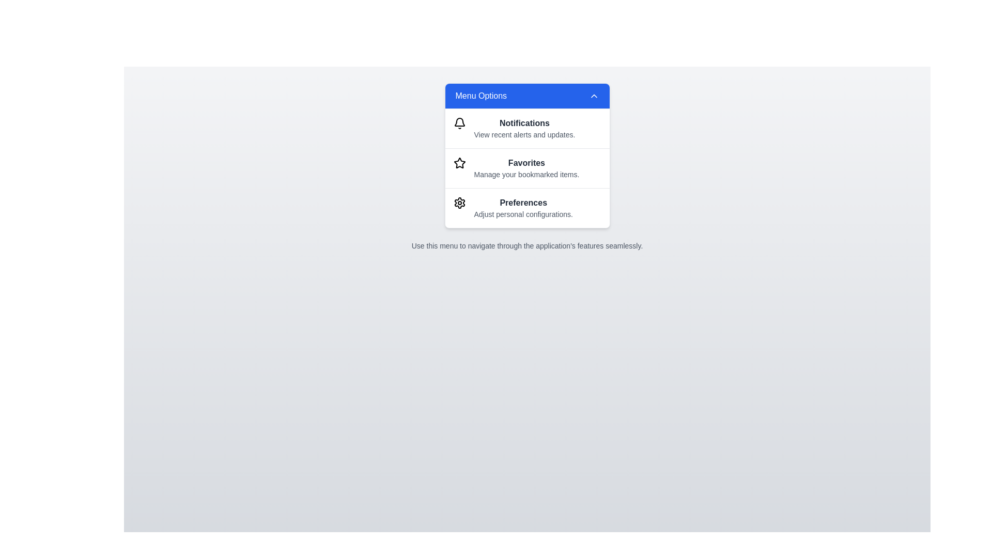 The height and width of the screenshot is (558, 992). What do you see at coordinates (527, 167) in the screenshot?
I see `the menu option Favorites from the VibrantInteractiveMenu` at bounding box center [527, 167].